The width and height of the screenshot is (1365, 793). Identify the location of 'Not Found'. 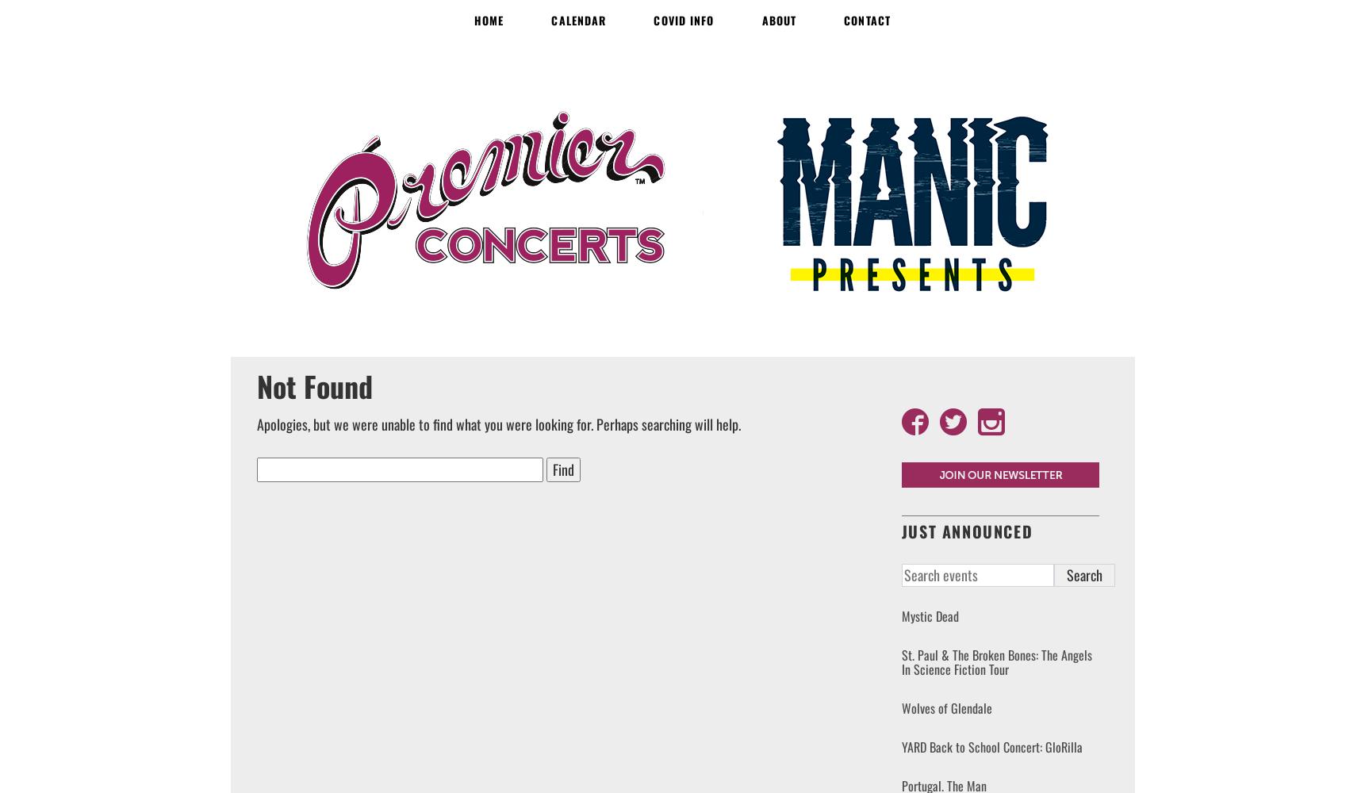
(314, 385).